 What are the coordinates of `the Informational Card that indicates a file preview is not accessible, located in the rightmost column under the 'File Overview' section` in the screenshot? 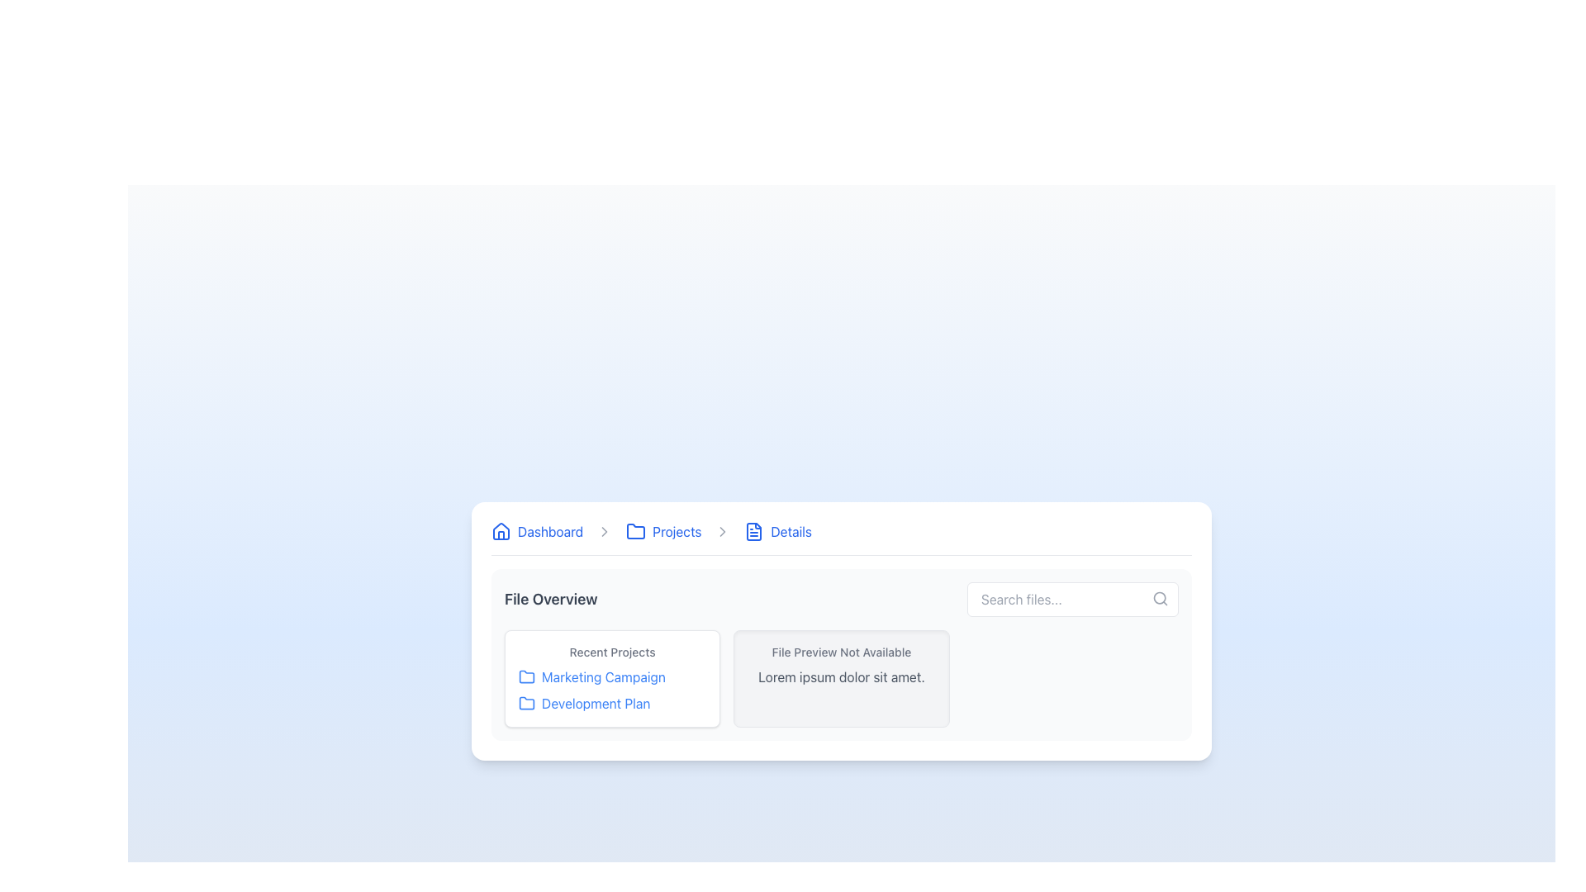 It's located at (841, 678).